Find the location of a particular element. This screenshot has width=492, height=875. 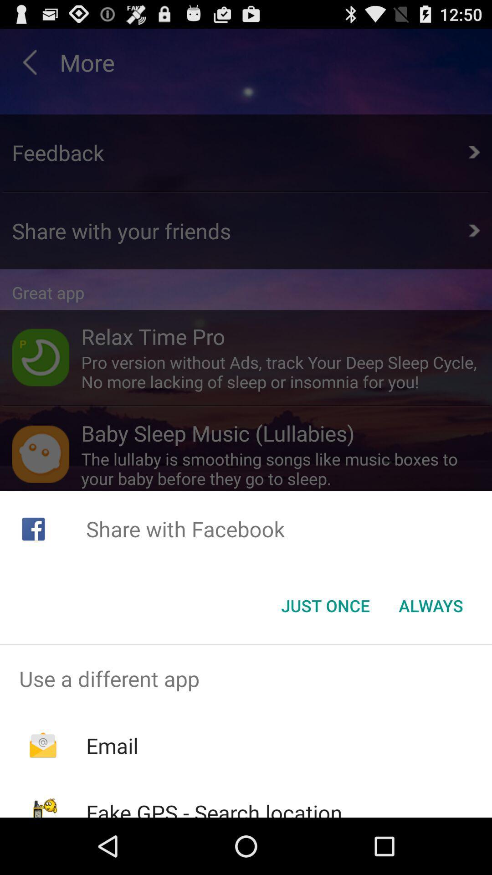

app above email item is located at coordinates (246, 679).